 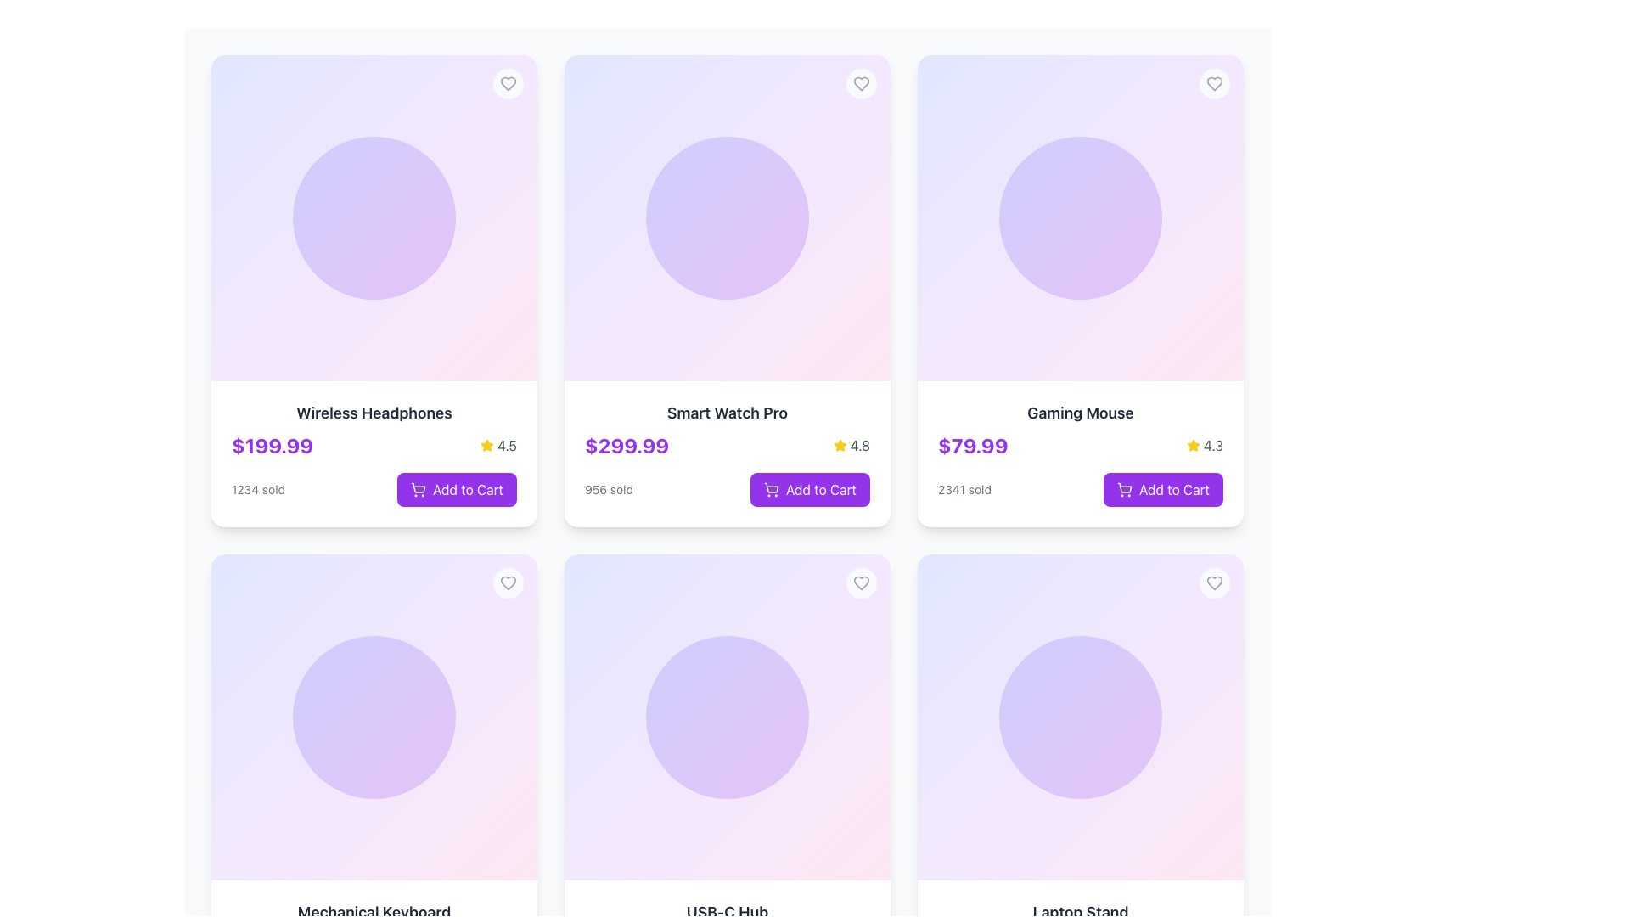 I want to click on text label that displays '956 sold', which is styled in a small gray font and located at the bottom left of the product card for the 'Smart Watch Pro', near the price and rating, so click(x=609, y=490).